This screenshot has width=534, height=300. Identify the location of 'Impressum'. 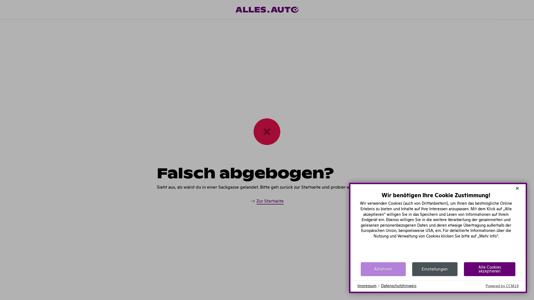
(367, 286).